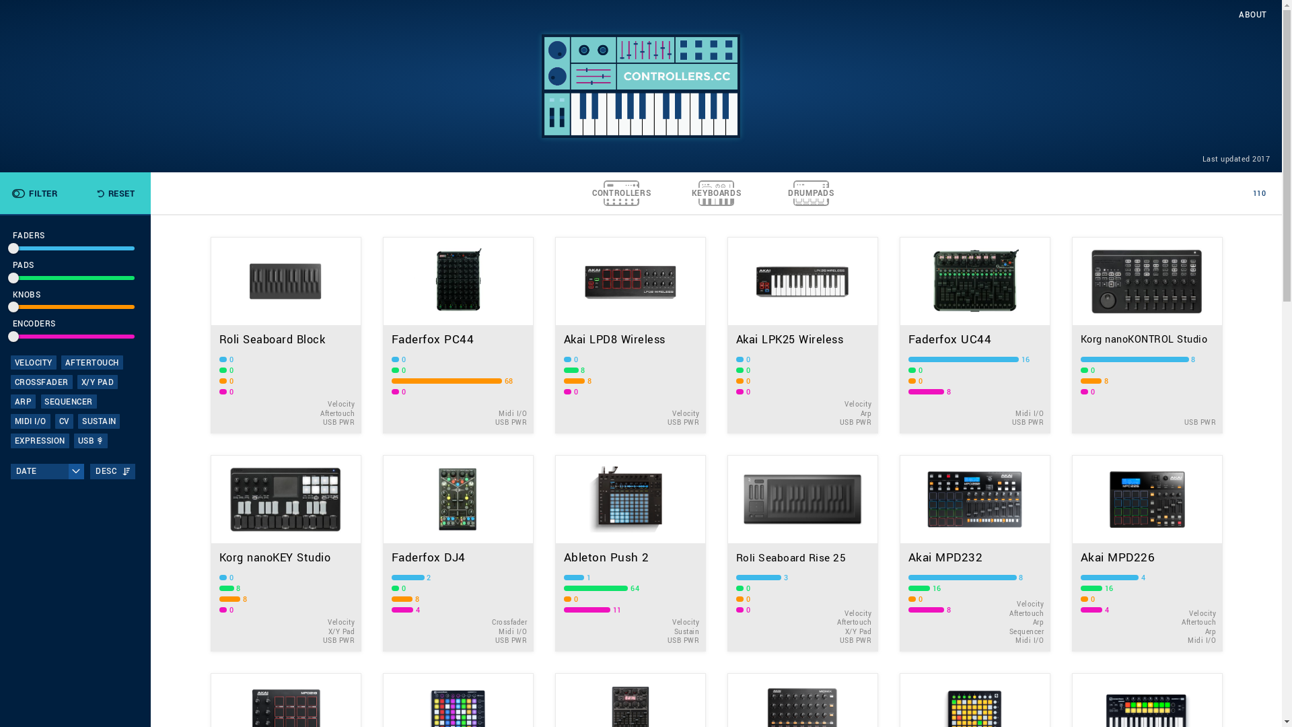 The height and width of the screenshot is (727, 1292). Describe the element at coordinates (284, 553) in the screenshot. I see `'Korg nanoKEY Studio` at that location.